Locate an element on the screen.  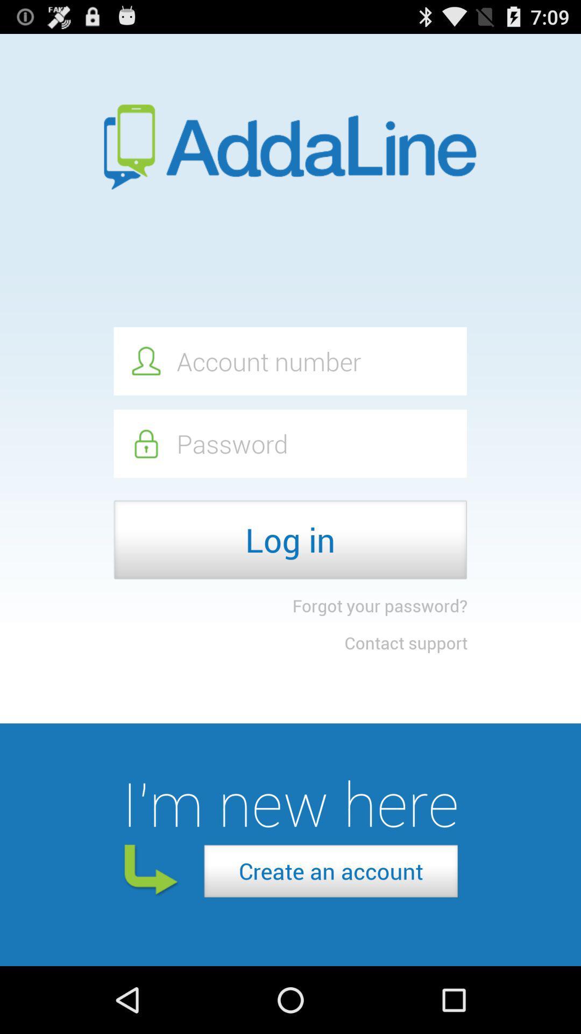
insert username is located at coordinates (289, 361).